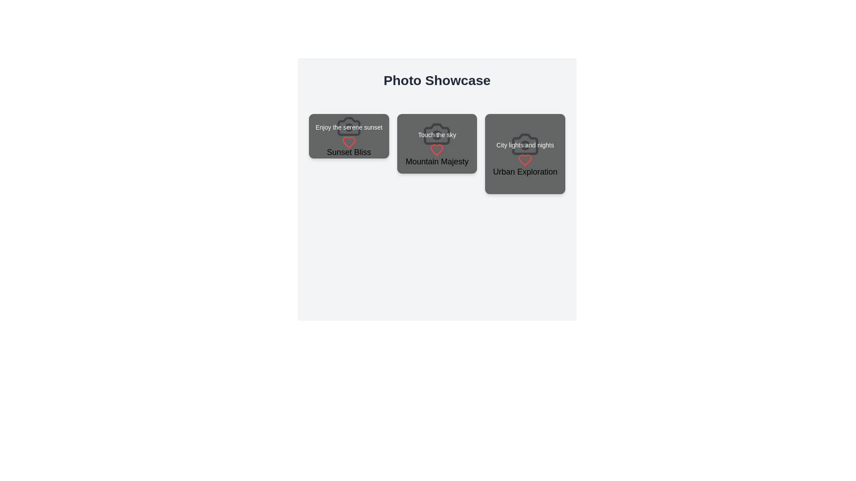 The image size is (856, 481). What do you see at coordinates (525, 159) in the screenshot?
I see `the heart icon located in the 'Urban Exploration' card, which is the last card on the left` at bounding box center [525, 159].